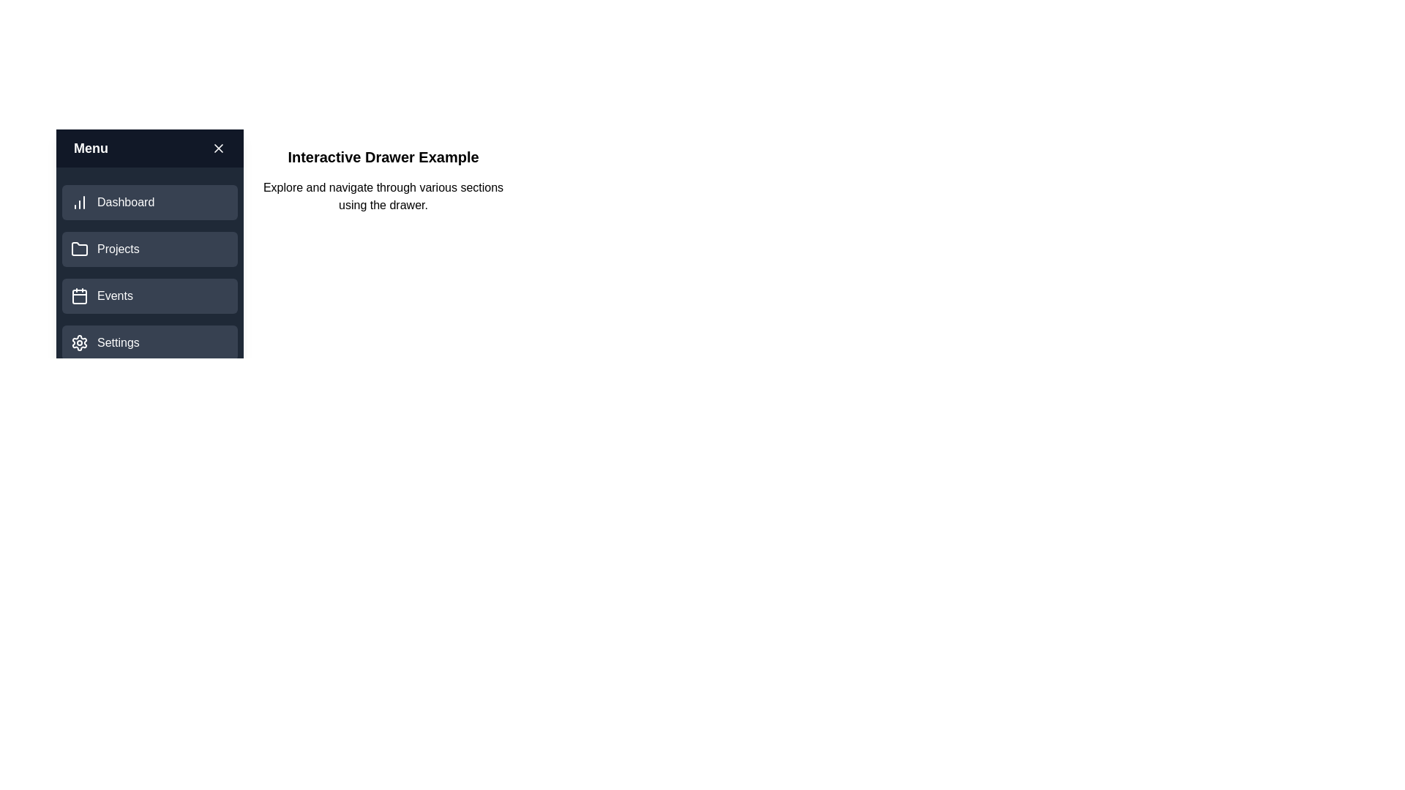 This screenshot has height=790, width=1405. Describe the element at coordinates (217, 148) in the screenshot. I see `toggle button in the header of the drawer to toggle its visibility` at that location.